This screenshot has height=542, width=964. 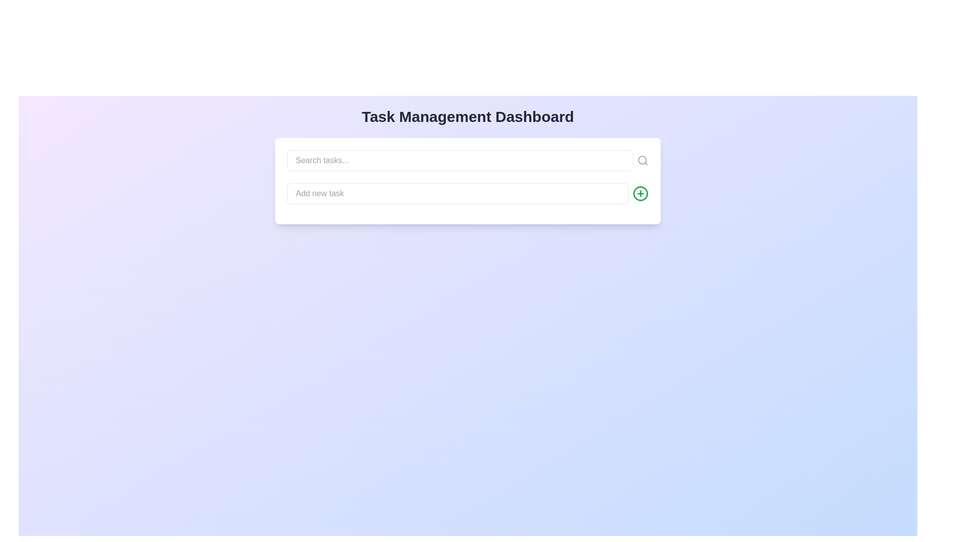 I want to click on the circular graphic representing the 'plus' icon at the right end of the second input box, so click(x=640, y=193).